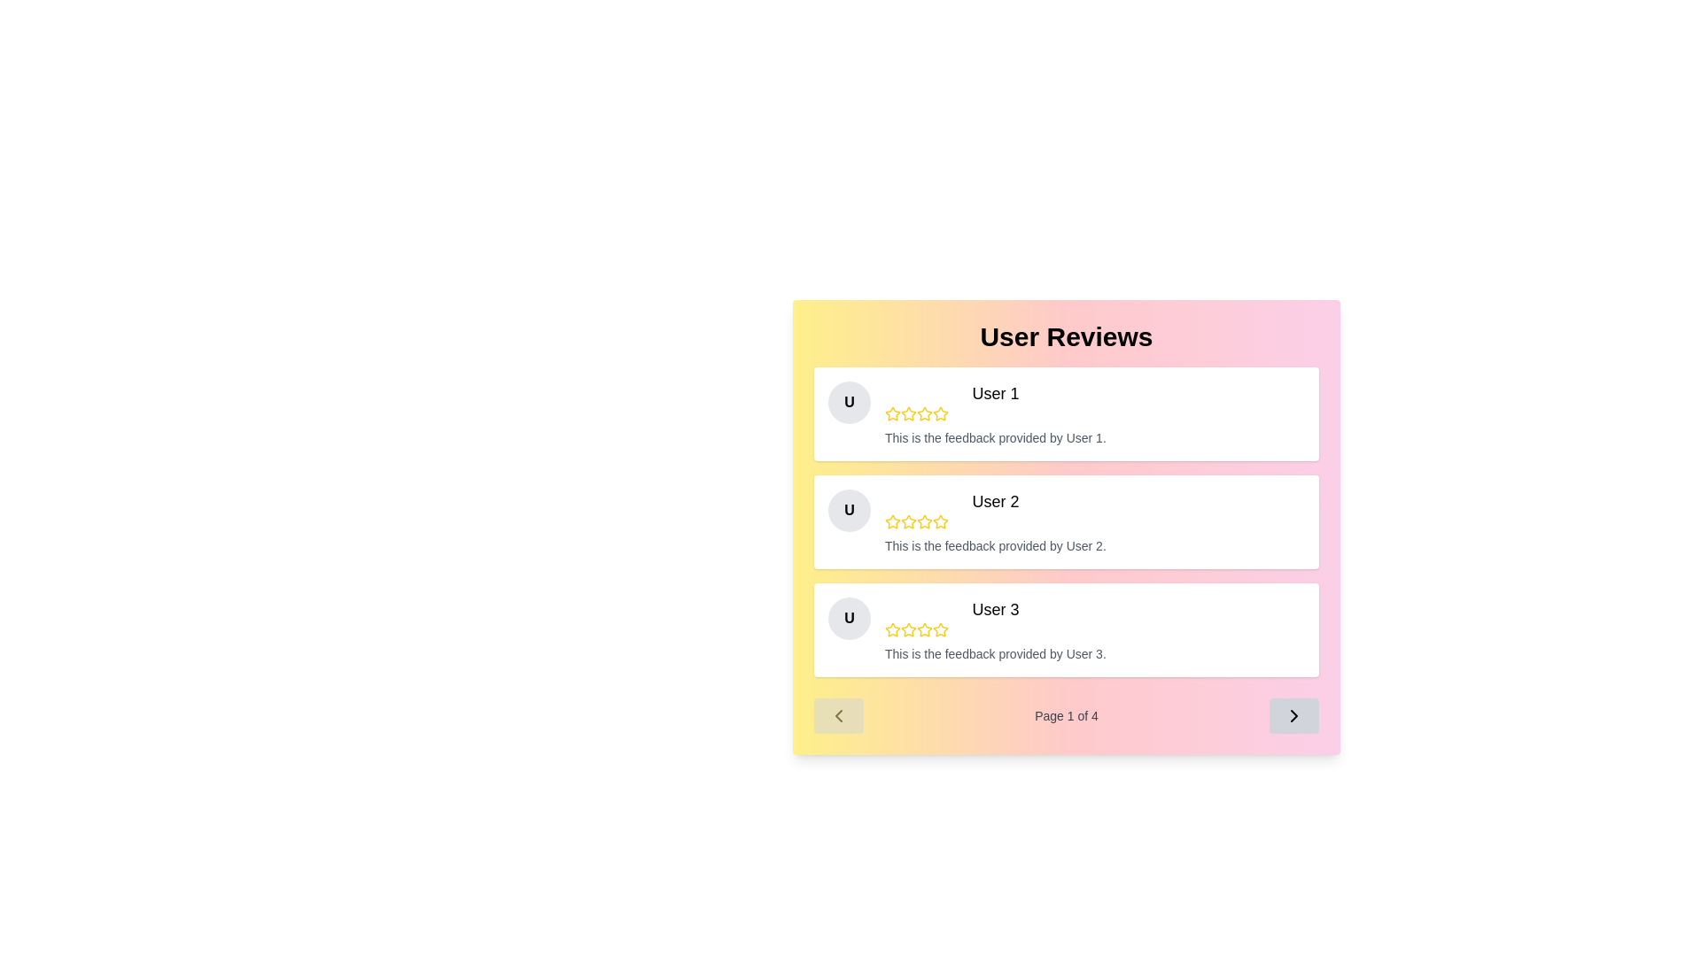 This screenshot has height=956, width=1701. What do you see at coordinates (923, 521) in the screenshot?
I see `the fourth star icon outlined in yellow to indicate a rating in the review section of User 2` at bounding box center [923, 521].